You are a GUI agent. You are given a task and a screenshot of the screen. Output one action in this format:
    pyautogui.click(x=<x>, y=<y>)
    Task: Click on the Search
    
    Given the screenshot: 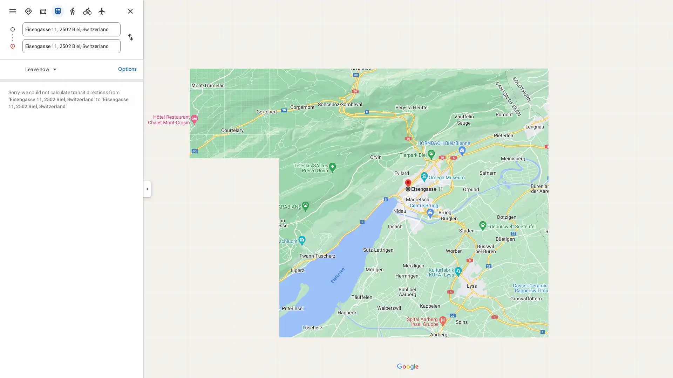 What is the action you would take?
    pyautogui.click(x=149, y=29)
    